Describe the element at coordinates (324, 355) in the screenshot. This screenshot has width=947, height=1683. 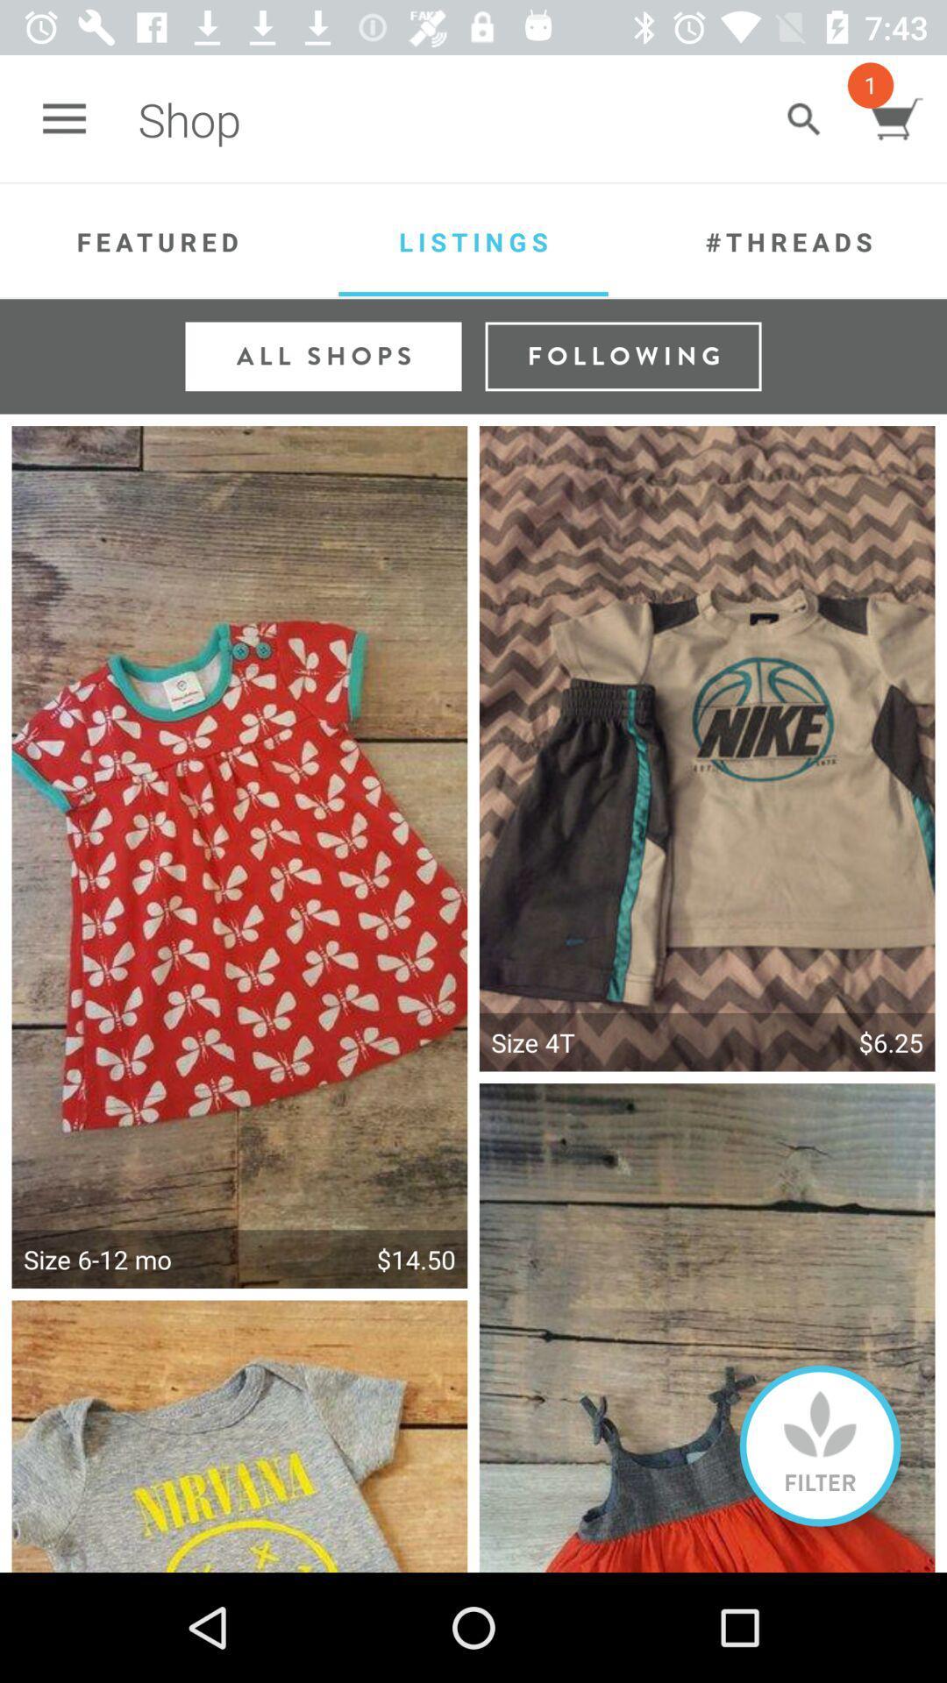
I see `item next to the following` at that location.